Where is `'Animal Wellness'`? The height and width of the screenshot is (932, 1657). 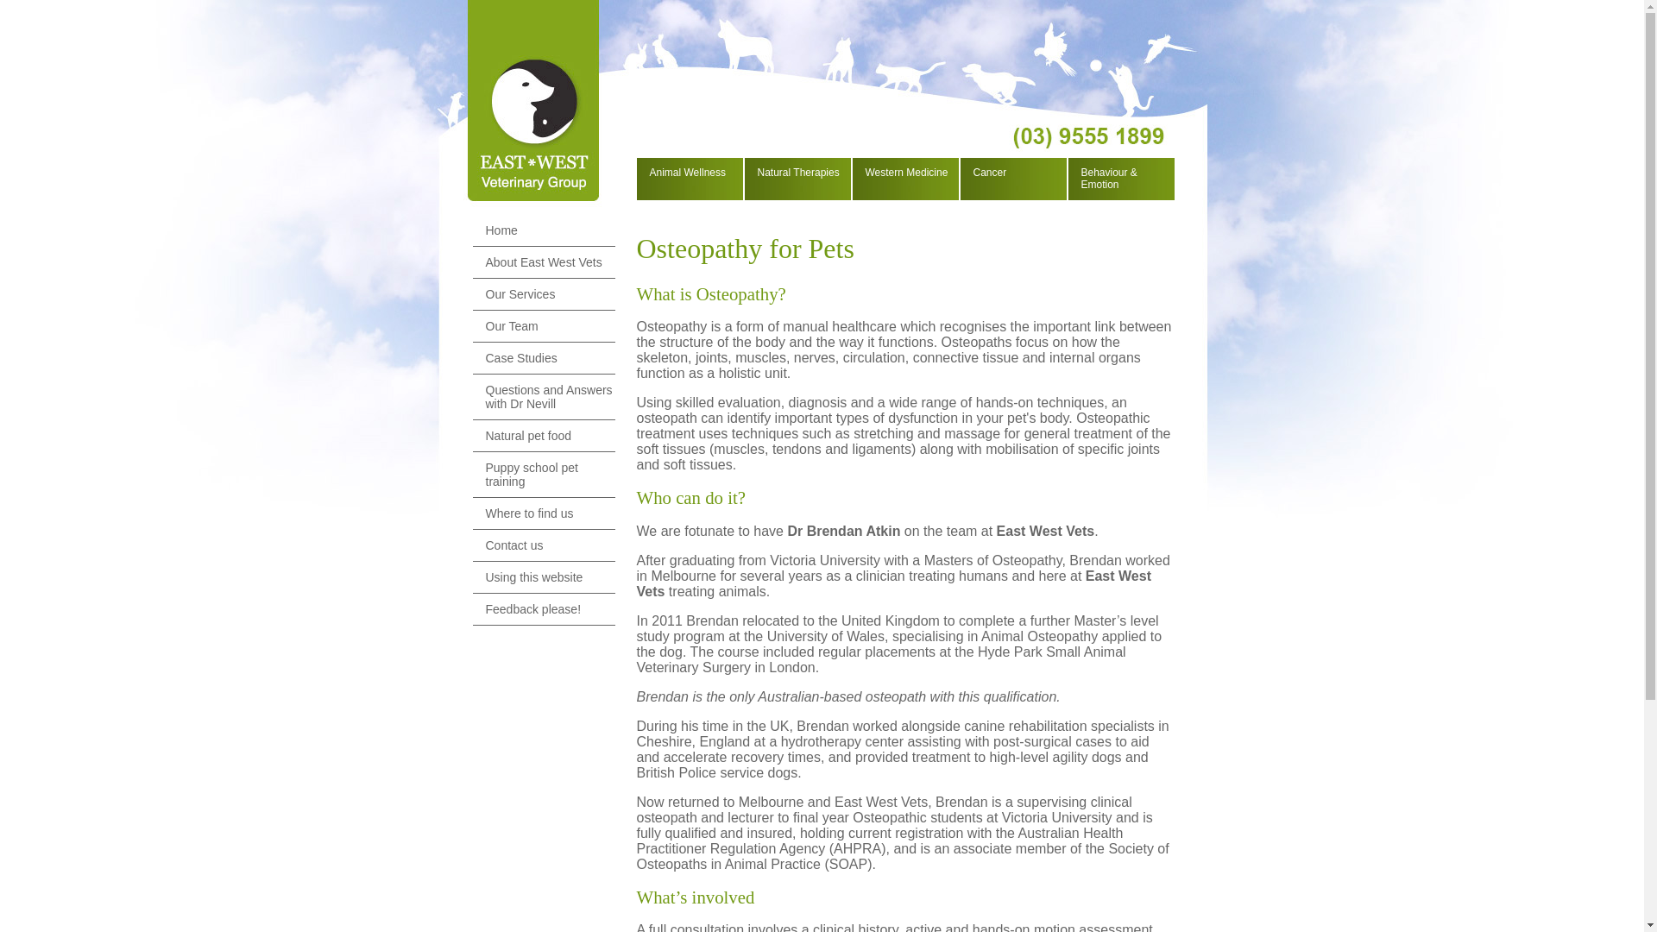
'Animal Wellness' is located at coordinates (639, 173).